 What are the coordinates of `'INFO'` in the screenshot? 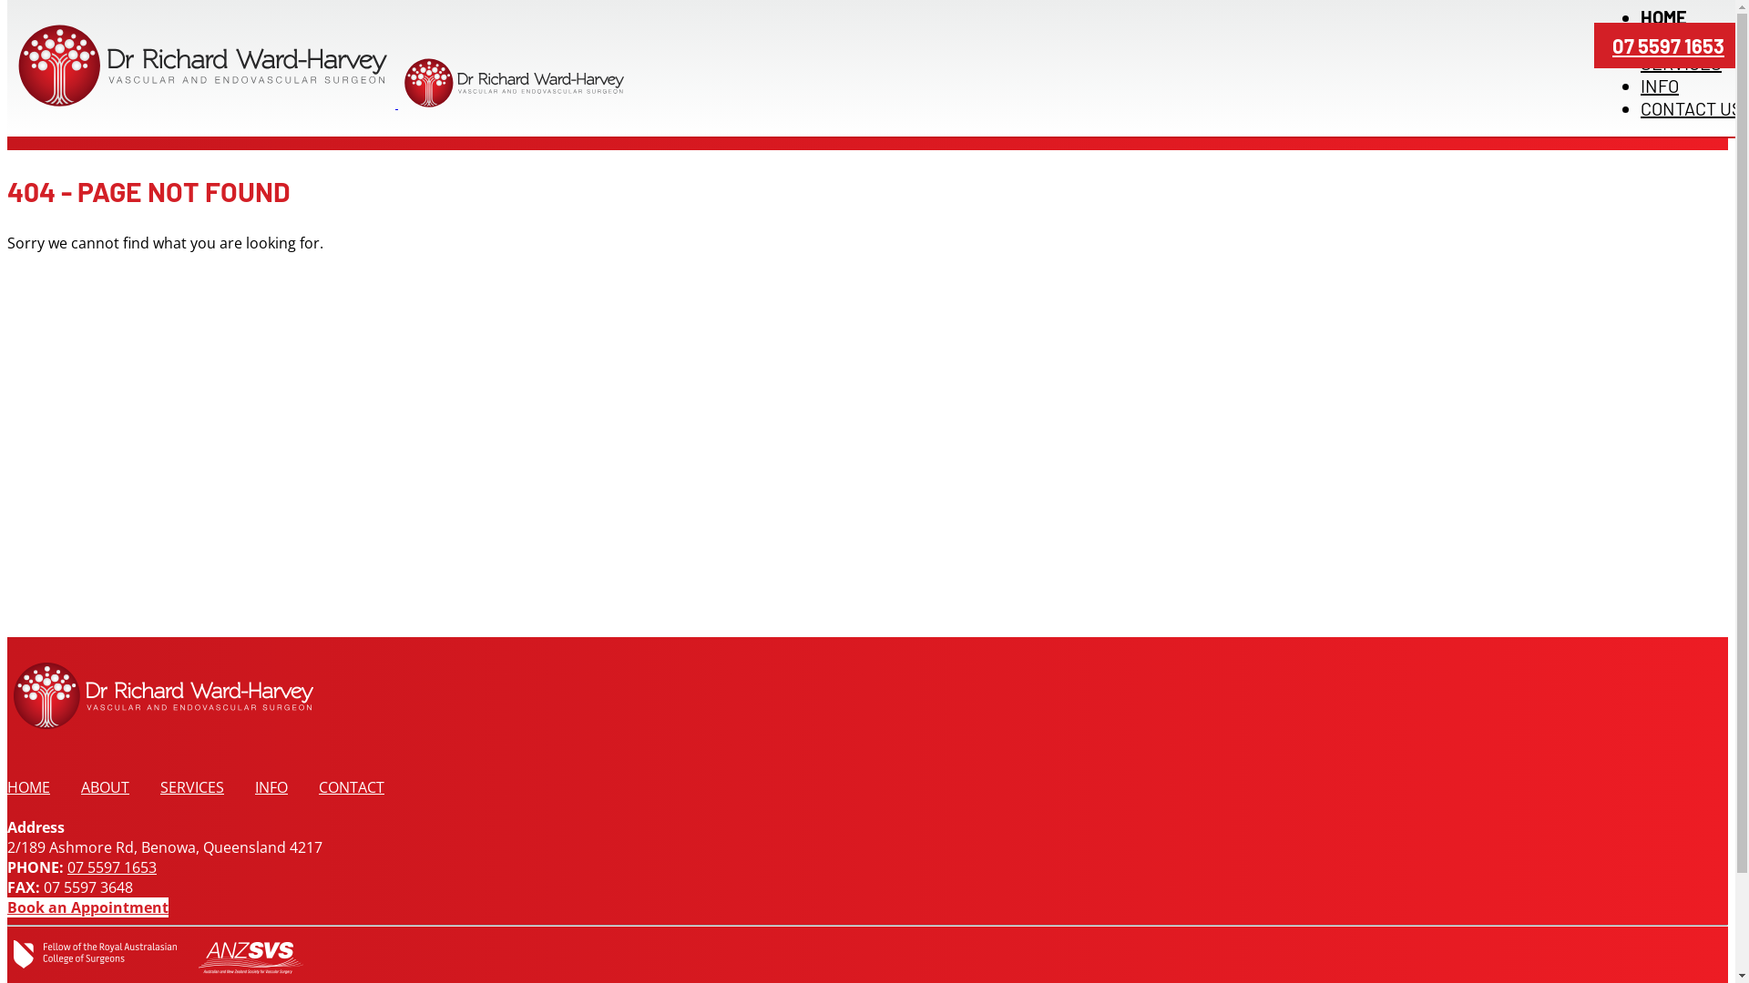 It's located at (270, 785).